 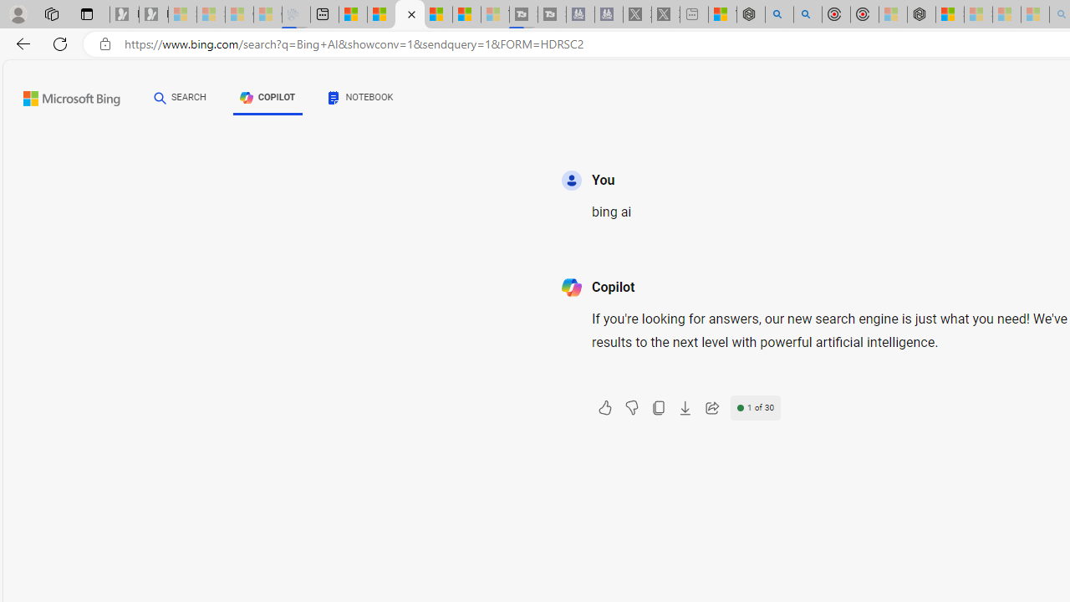 I want to click on 'Skip to content', so click(x=53, y=93).